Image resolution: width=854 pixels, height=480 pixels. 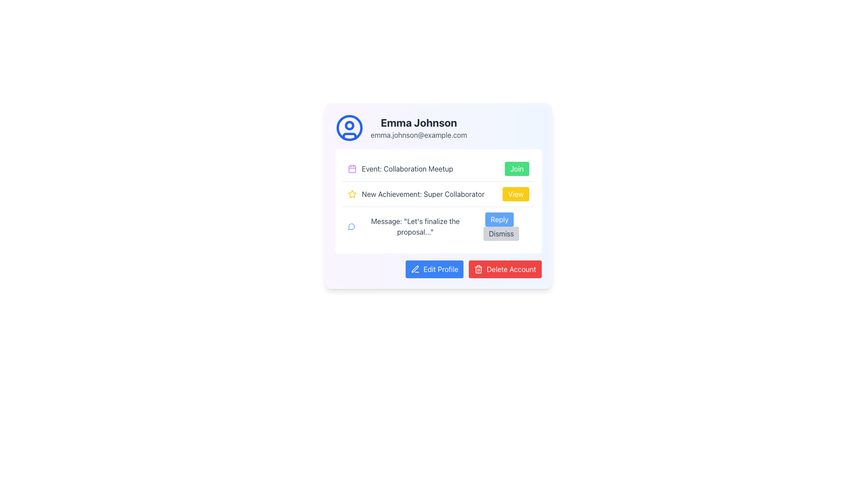 What do you see at coordinates (408, 226) in the screenshot?
I see `the message display with the text 'Message: "Let's finalize the proposal..."' and the blue circular speech bubble icon, located below 'Event: Collaboration Meetup' and 'New Achievement: Super Collaborator', and to the left of 'Reply' and 'Dismiss' buttons` at bounding box center [408, 226].